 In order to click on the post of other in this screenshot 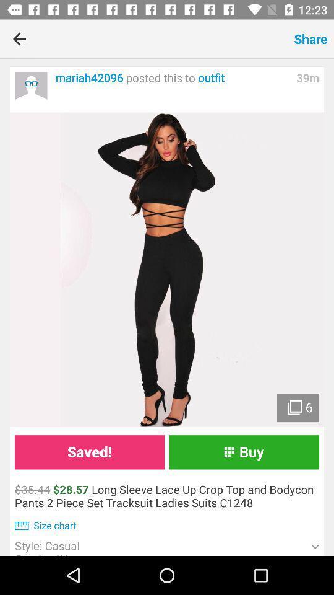, I will do `click(31, 87)`.